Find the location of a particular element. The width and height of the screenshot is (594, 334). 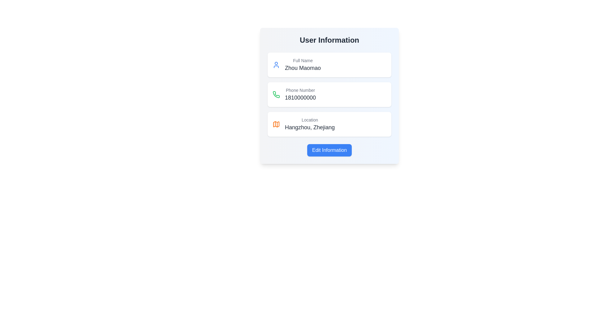

the displayed text 'Zhou Maomao' in the large-sized, gray-colored text label located below the 'Full Name' label on the top left side of the user information panel is located at coordinates (303, 68).